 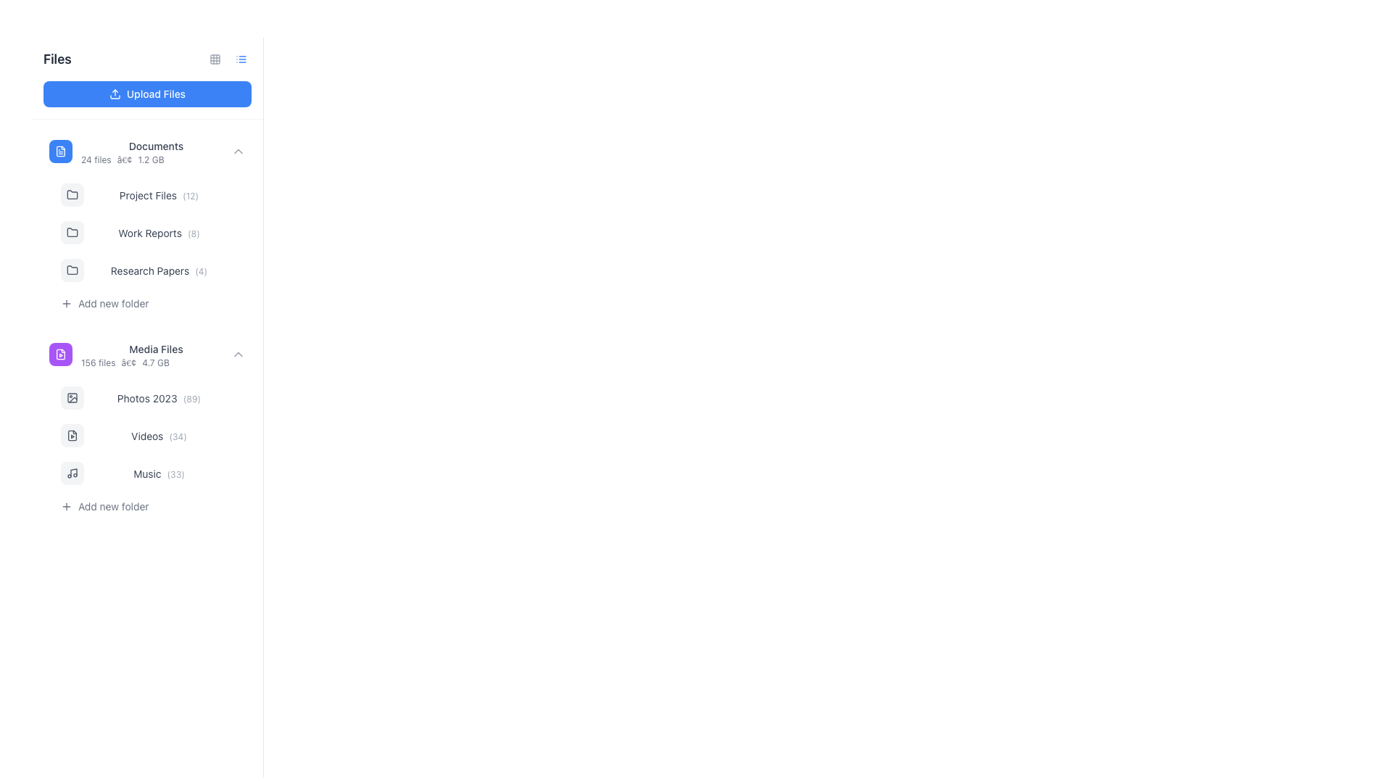 I want to click on the toggle button for changing the display format or layout, so click(x=215, y=58).